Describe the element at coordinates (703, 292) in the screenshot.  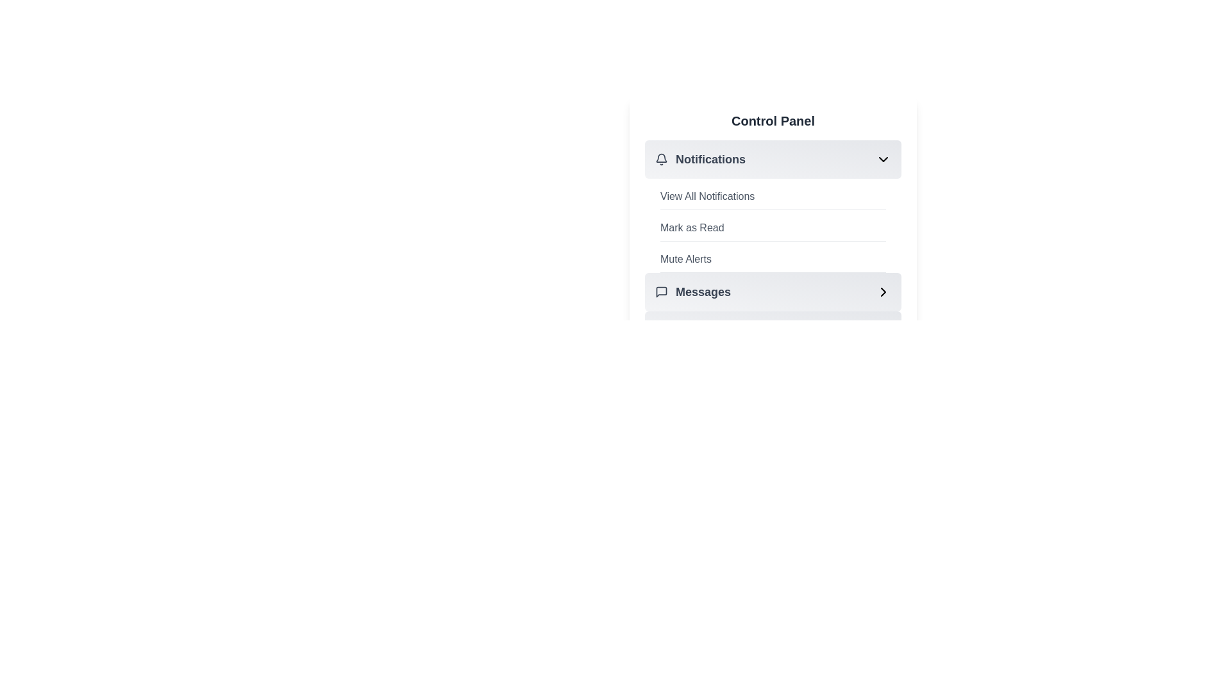
I see `the text label displaying 'Messages', which is styled in bold font and larger size, located in the Notifications section of the control panel` at that location.